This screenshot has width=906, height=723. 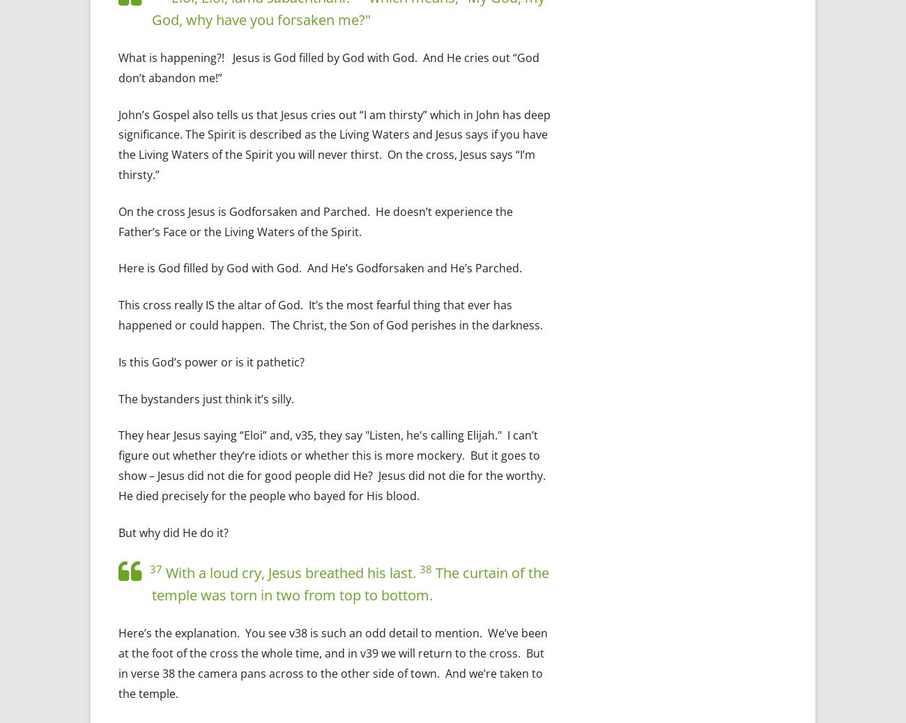 I want to click on 'But why did He do it?', so click(x=172, y=531).